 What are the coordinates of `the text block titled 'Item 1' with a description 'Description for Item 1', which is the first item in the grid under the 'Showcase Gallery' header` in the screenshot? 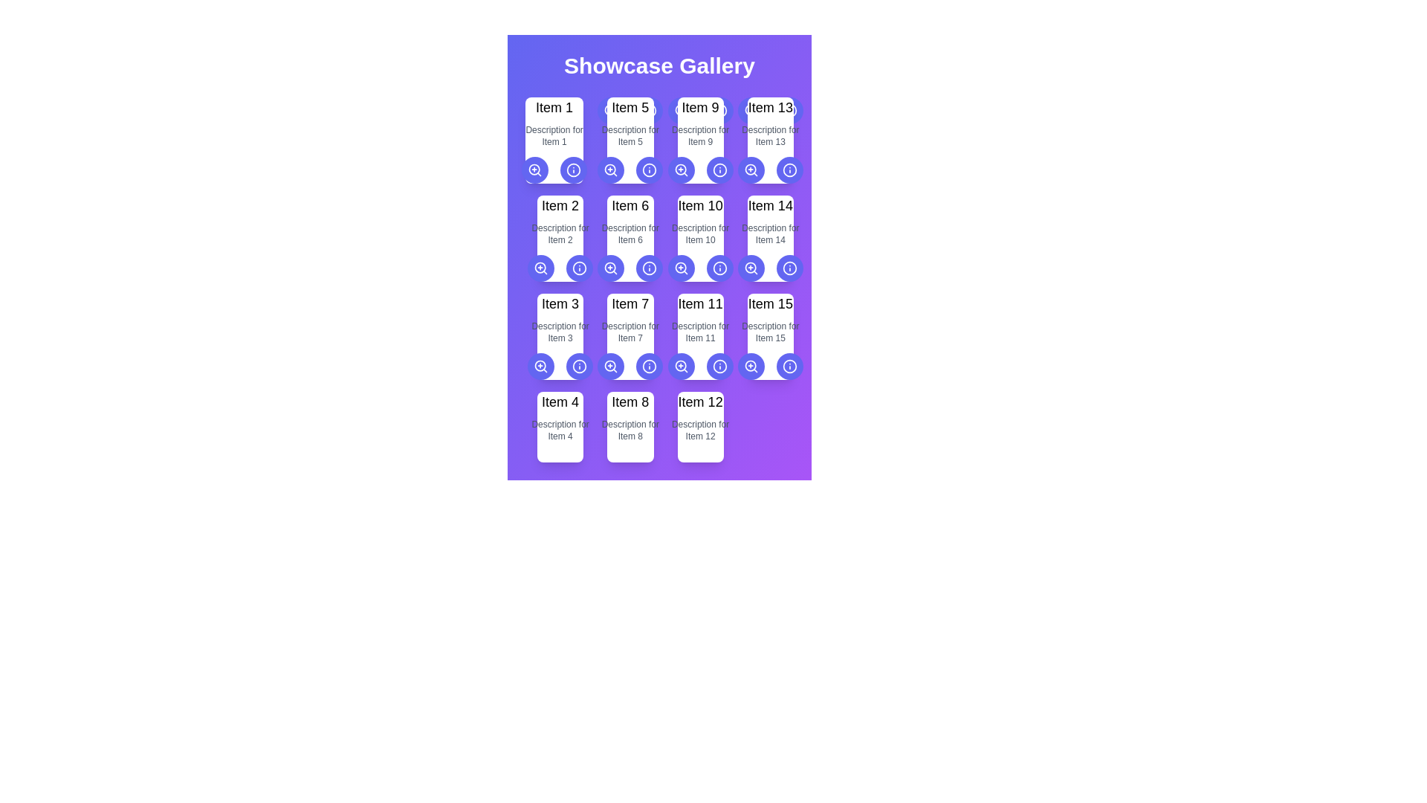 It's located at (554, 141).